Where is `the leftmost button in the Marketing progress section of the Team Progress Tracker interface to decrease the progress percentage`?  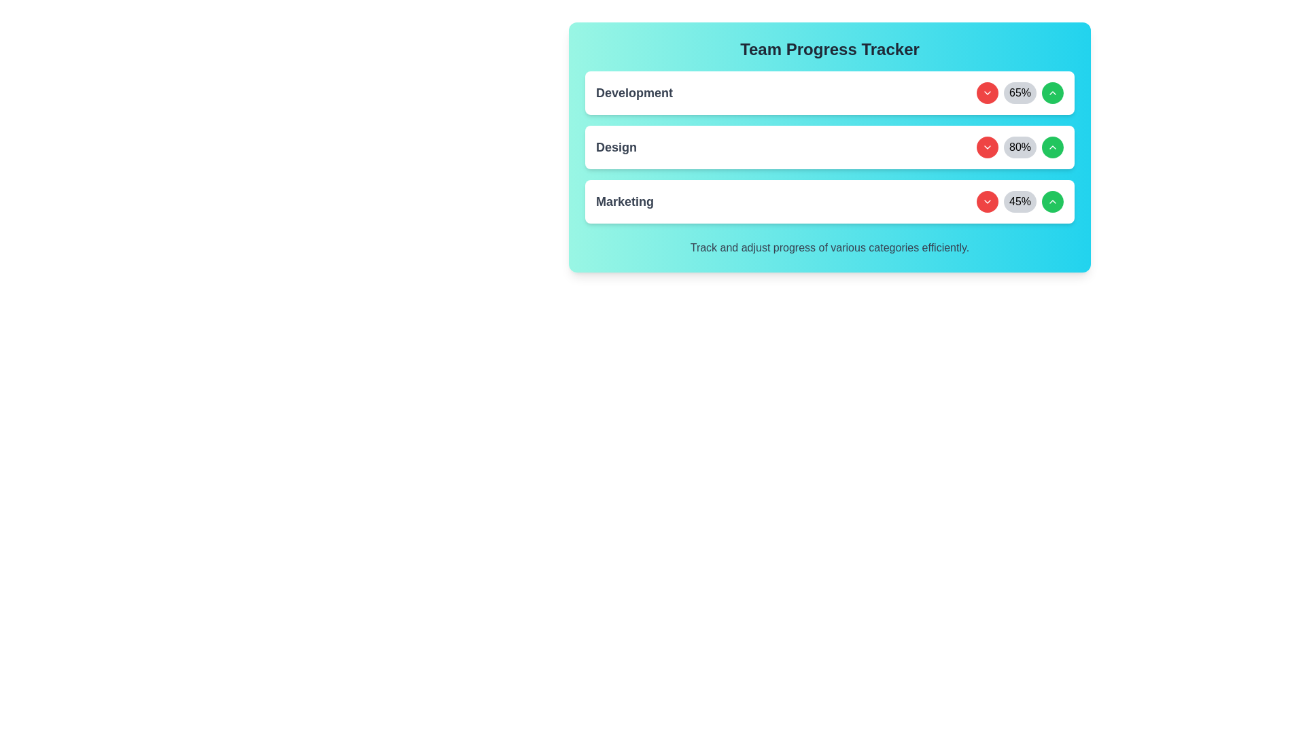
the leftmost button in the Marketing progress section of the Team Progress Tracker interface to decrease the progress percentage is located at coordinates (988, 202).